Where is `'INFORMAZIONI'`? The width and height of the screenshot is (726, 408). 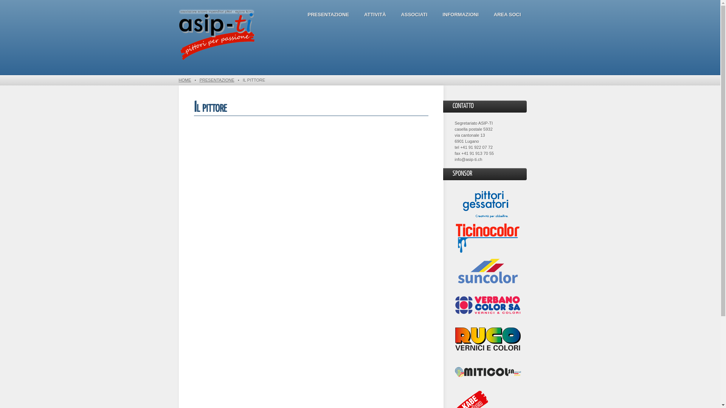 'INFORMAZIONI' is located at coordinates (460, 14).